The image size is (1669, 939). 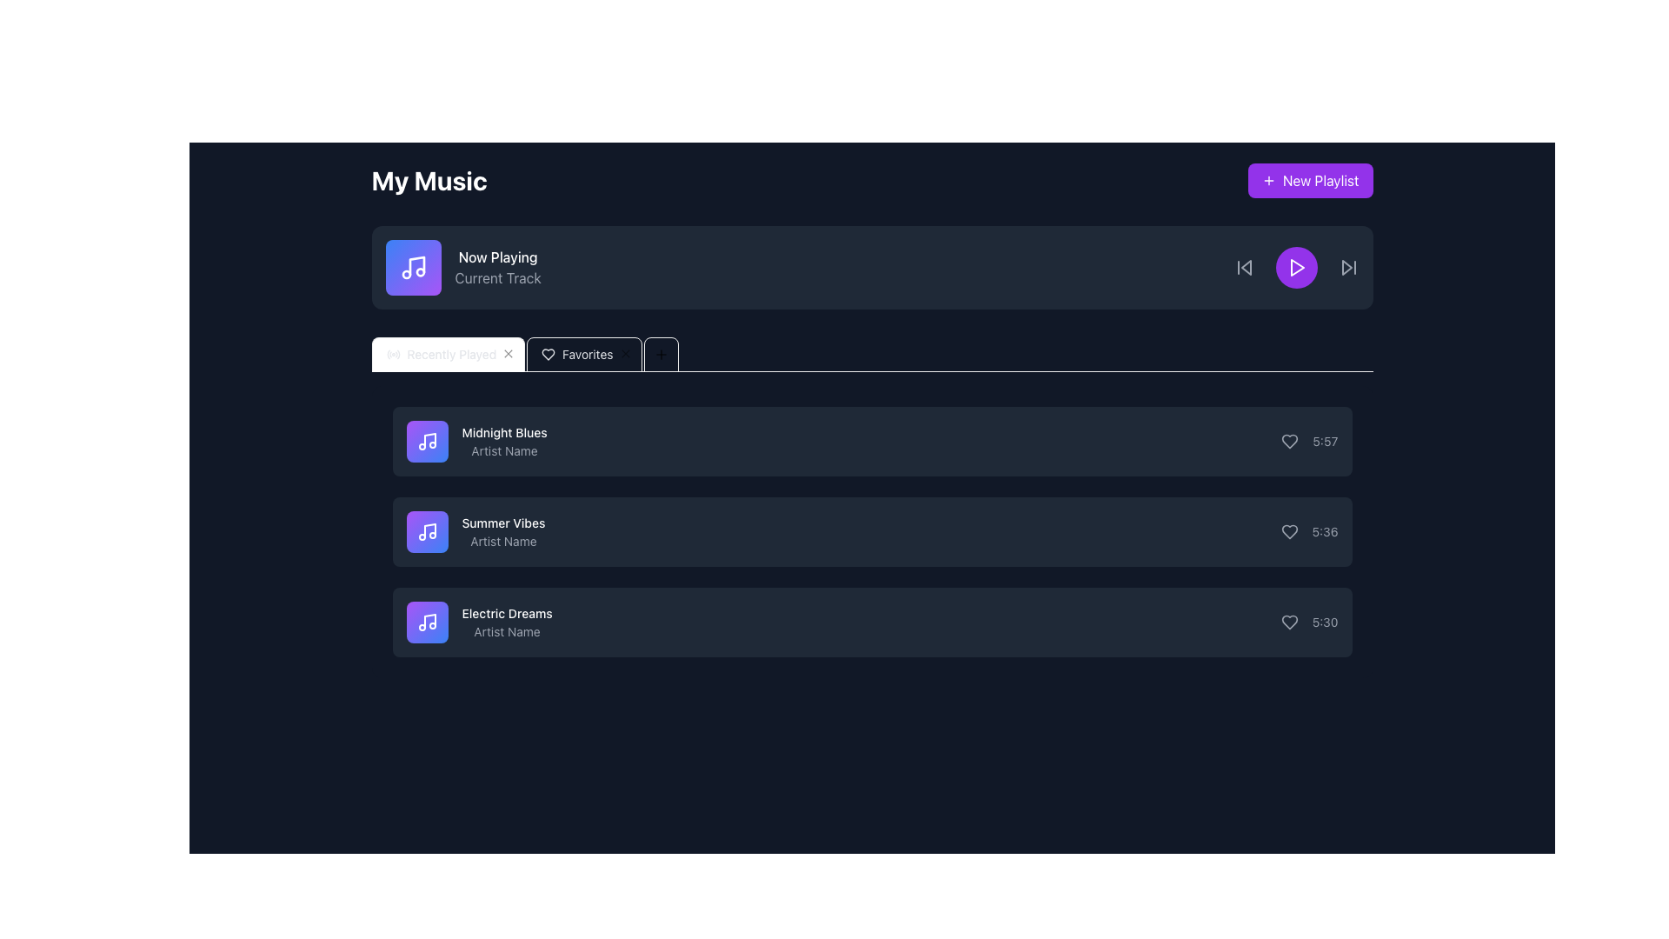 What do you see at coordinates (1310, 441) in the screenshot?
I see `text label displaying '5:57' with gray styling, located to the right of a heart icon in the topmost song entry of the 'Favorites' section` at bounding box center [1310, 441].